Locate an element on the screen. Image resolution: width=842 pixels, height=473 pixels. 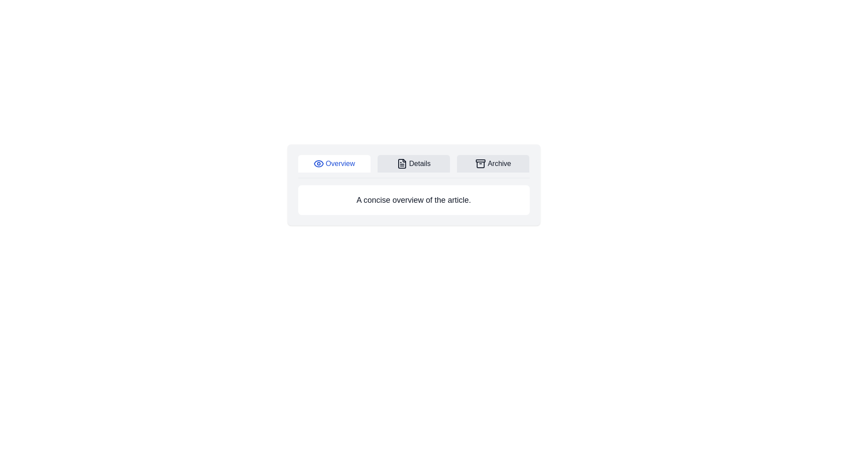
the Overview tab is located at coordinates (334, 164).